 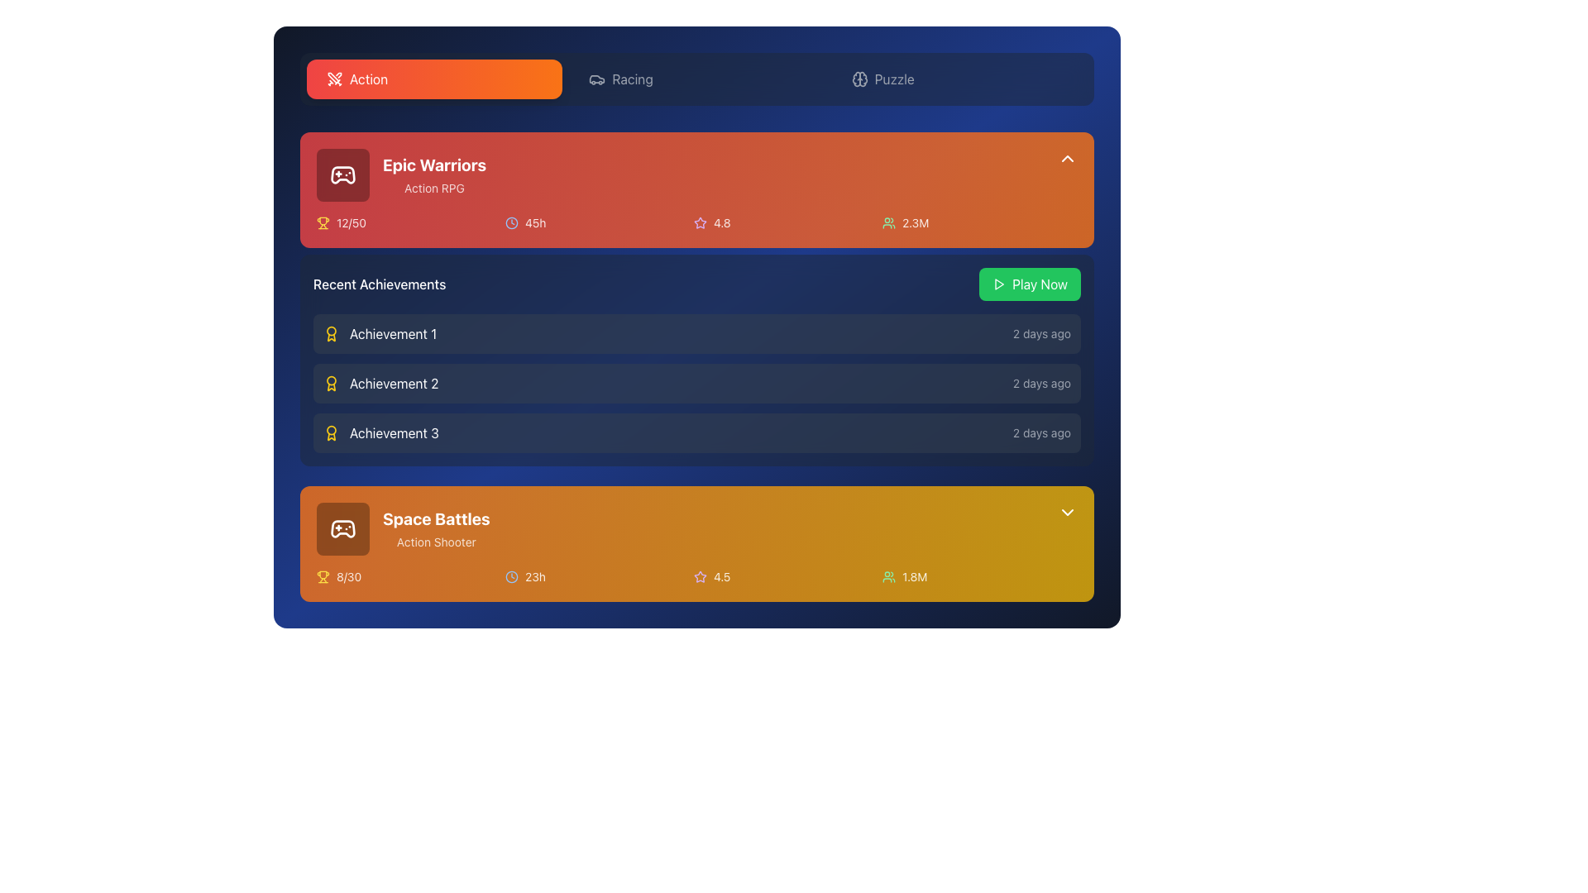 What do you see at coordinates (331, 429) in the screenshot?
I see `the circular trophy icon in the Recent Achievements section, which is styled with yellow hues and is part of an SVG graphic` at bounding box center [331, 429].